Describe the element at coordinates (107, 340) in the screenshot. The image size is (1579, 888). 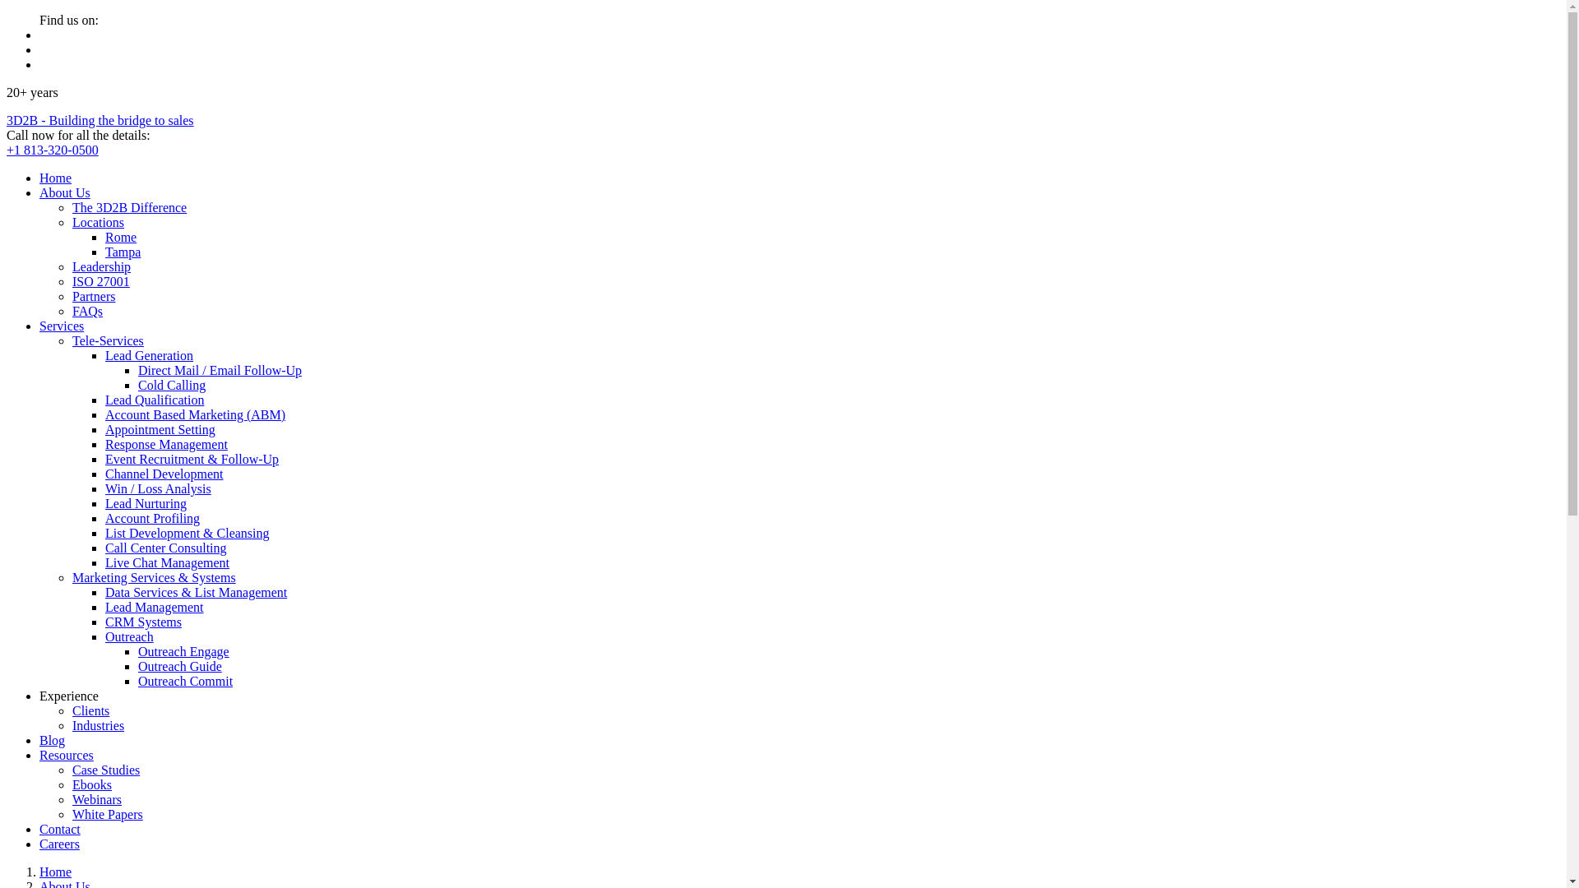
I see `'Tele-Services'` at that location.